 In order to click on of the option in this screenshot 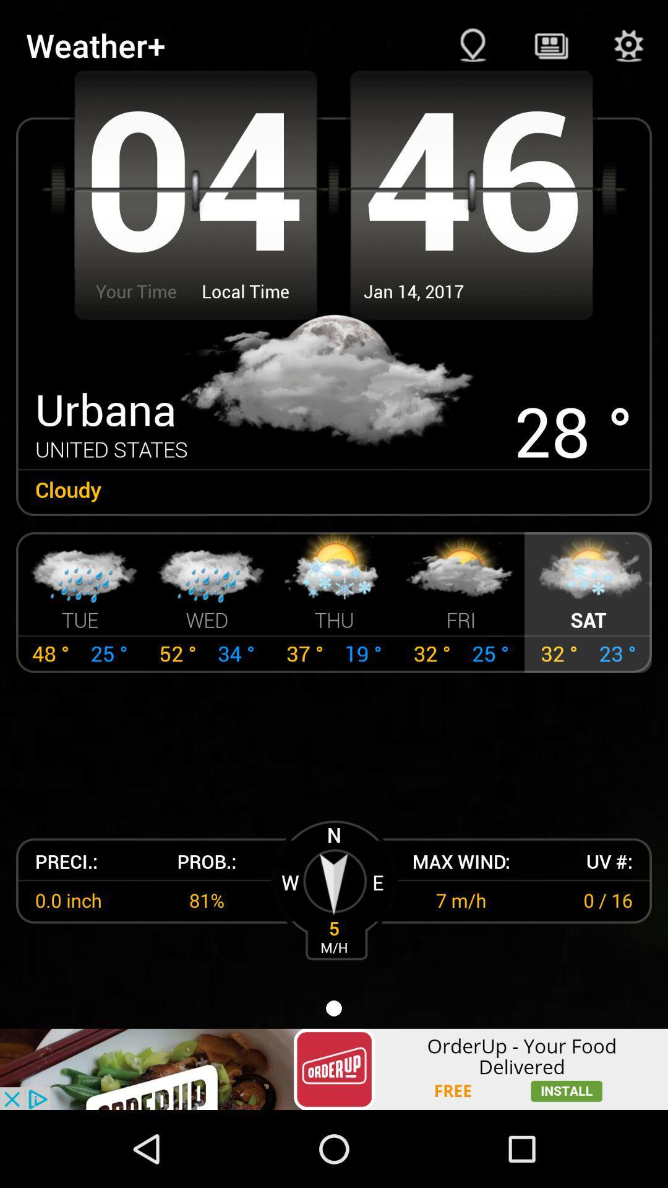, I will do `click(334, 1069)`.